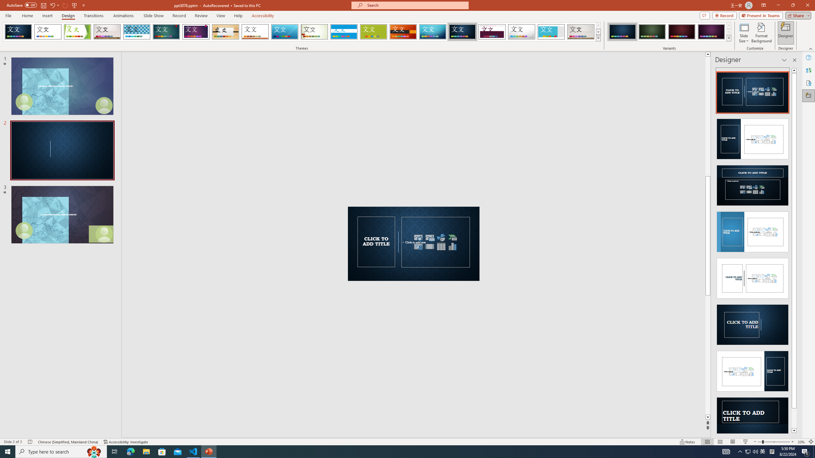  I want to click on 'Damask', so click(462, 31).